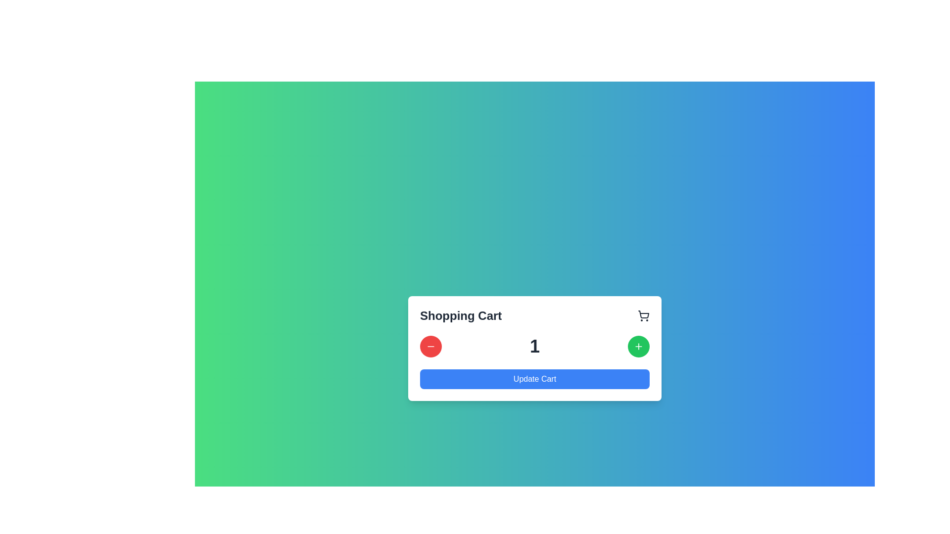  I want to click on the text label that indicates the purpose of the shopping cart interface, which is positioned to the left of the shopping cart icon and above the main content, so click(460, 316).